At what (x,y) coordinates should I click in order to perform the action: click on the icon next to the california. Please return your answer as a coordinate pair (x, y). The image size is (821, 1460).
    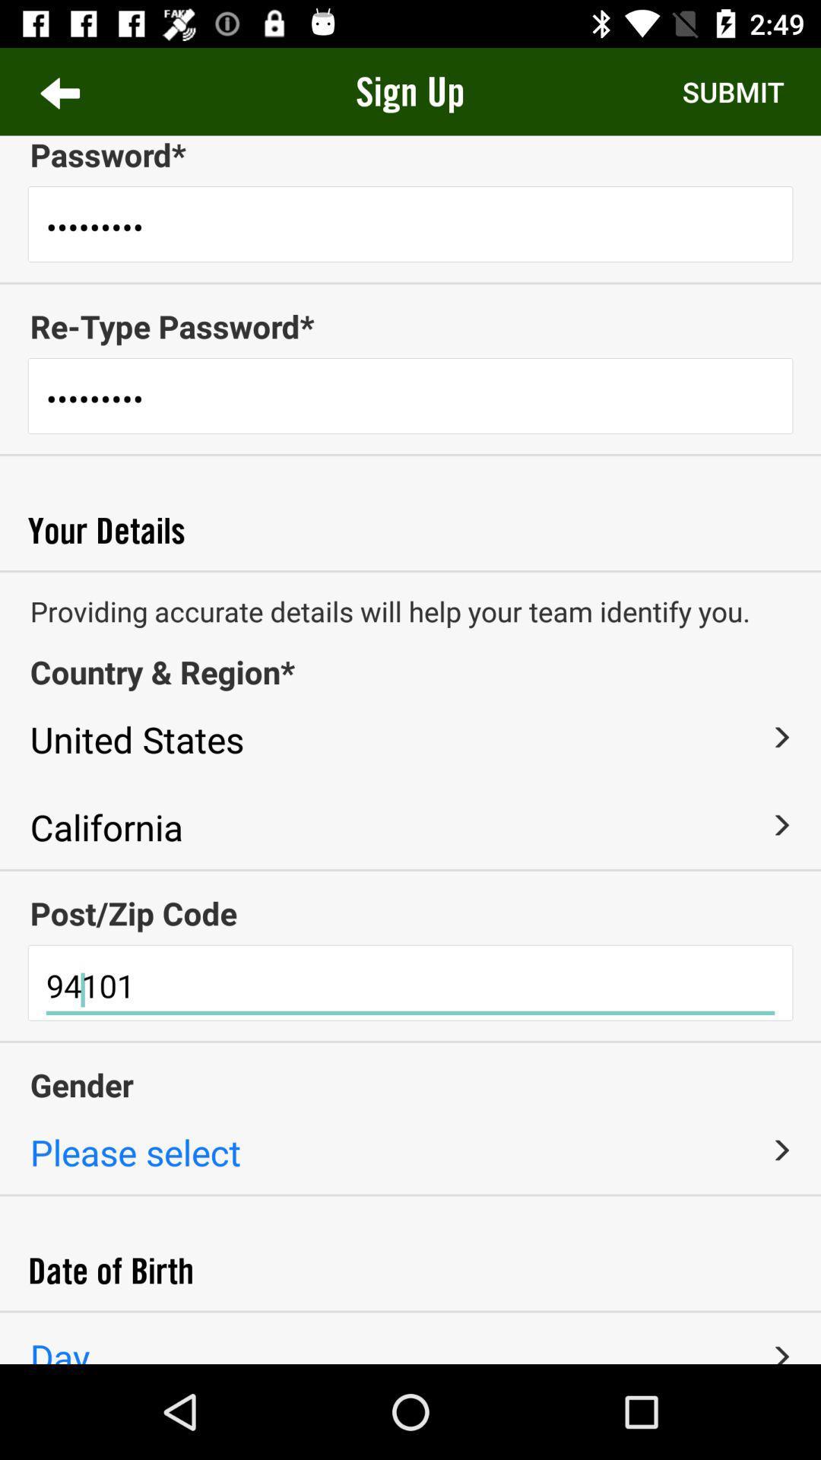
    Looking at the image, I should click on (781, 824).